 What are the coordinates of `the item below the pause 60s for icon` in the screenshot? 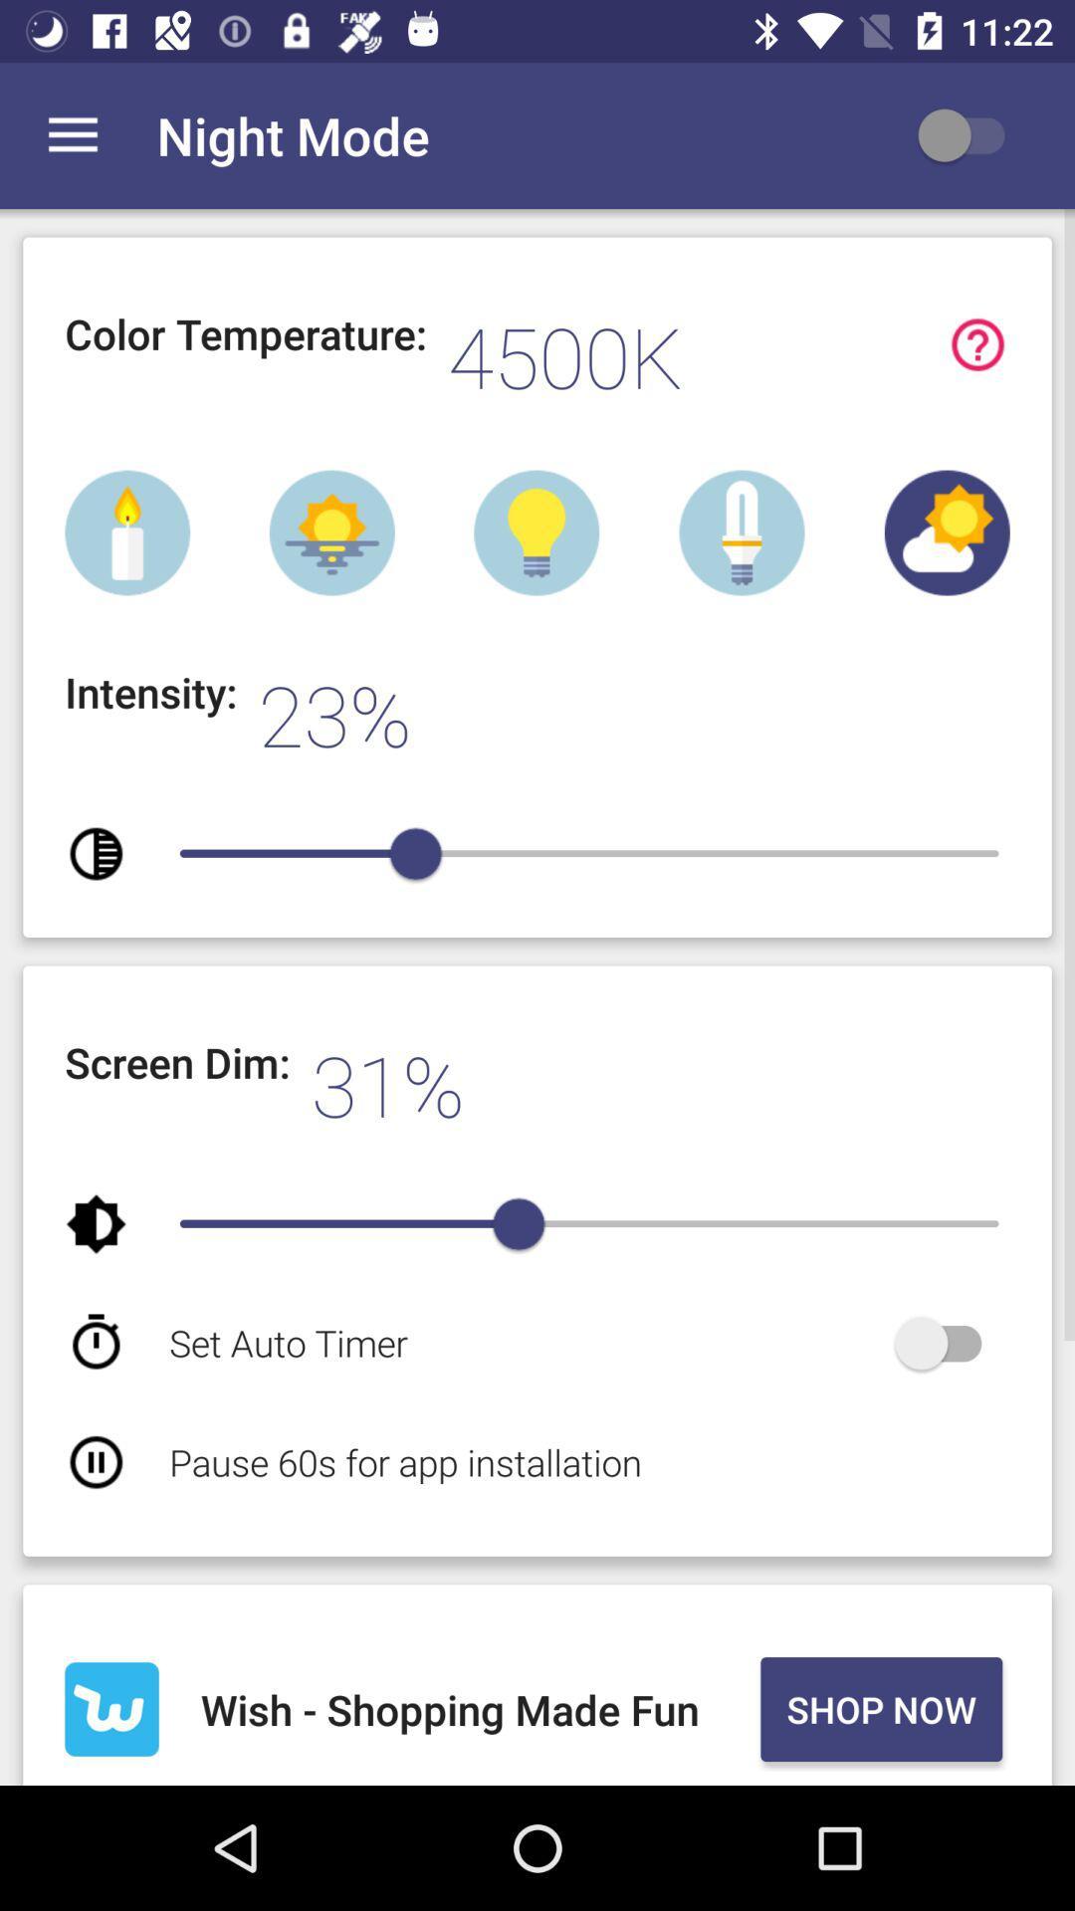 It's located at (477, 1708).